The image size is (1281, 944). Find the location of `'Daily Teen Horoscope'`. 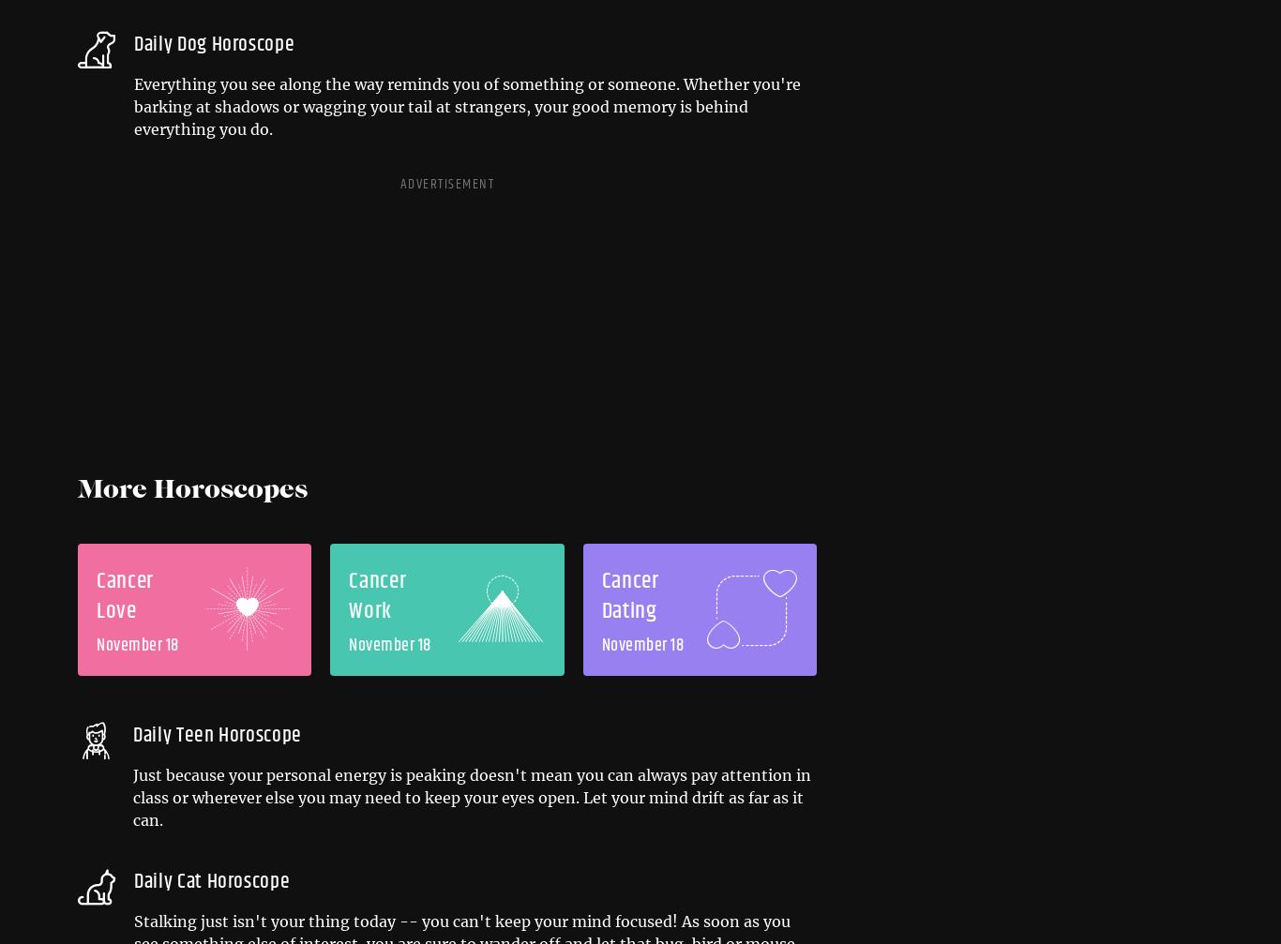

'Daily Teen Horoscope' is located at coordinates (217, 734).